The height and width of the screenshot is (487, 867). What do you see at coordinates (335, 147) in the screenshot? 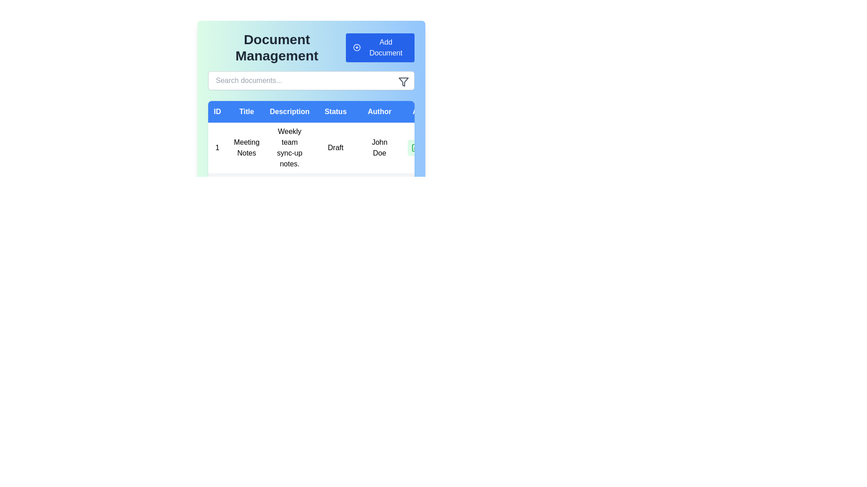
I see `the text label displaying 'Draft' located in the fourth cell of the 'Status' column in the table` at bounding box center [335, 147].